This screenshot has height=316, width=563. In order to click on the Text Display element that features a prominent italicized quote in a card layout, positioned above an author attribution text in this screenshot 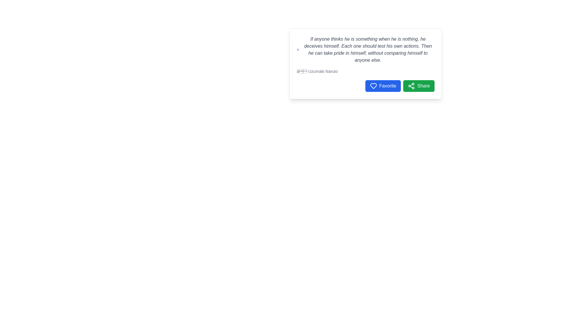, I will do `click(365, 49)`.